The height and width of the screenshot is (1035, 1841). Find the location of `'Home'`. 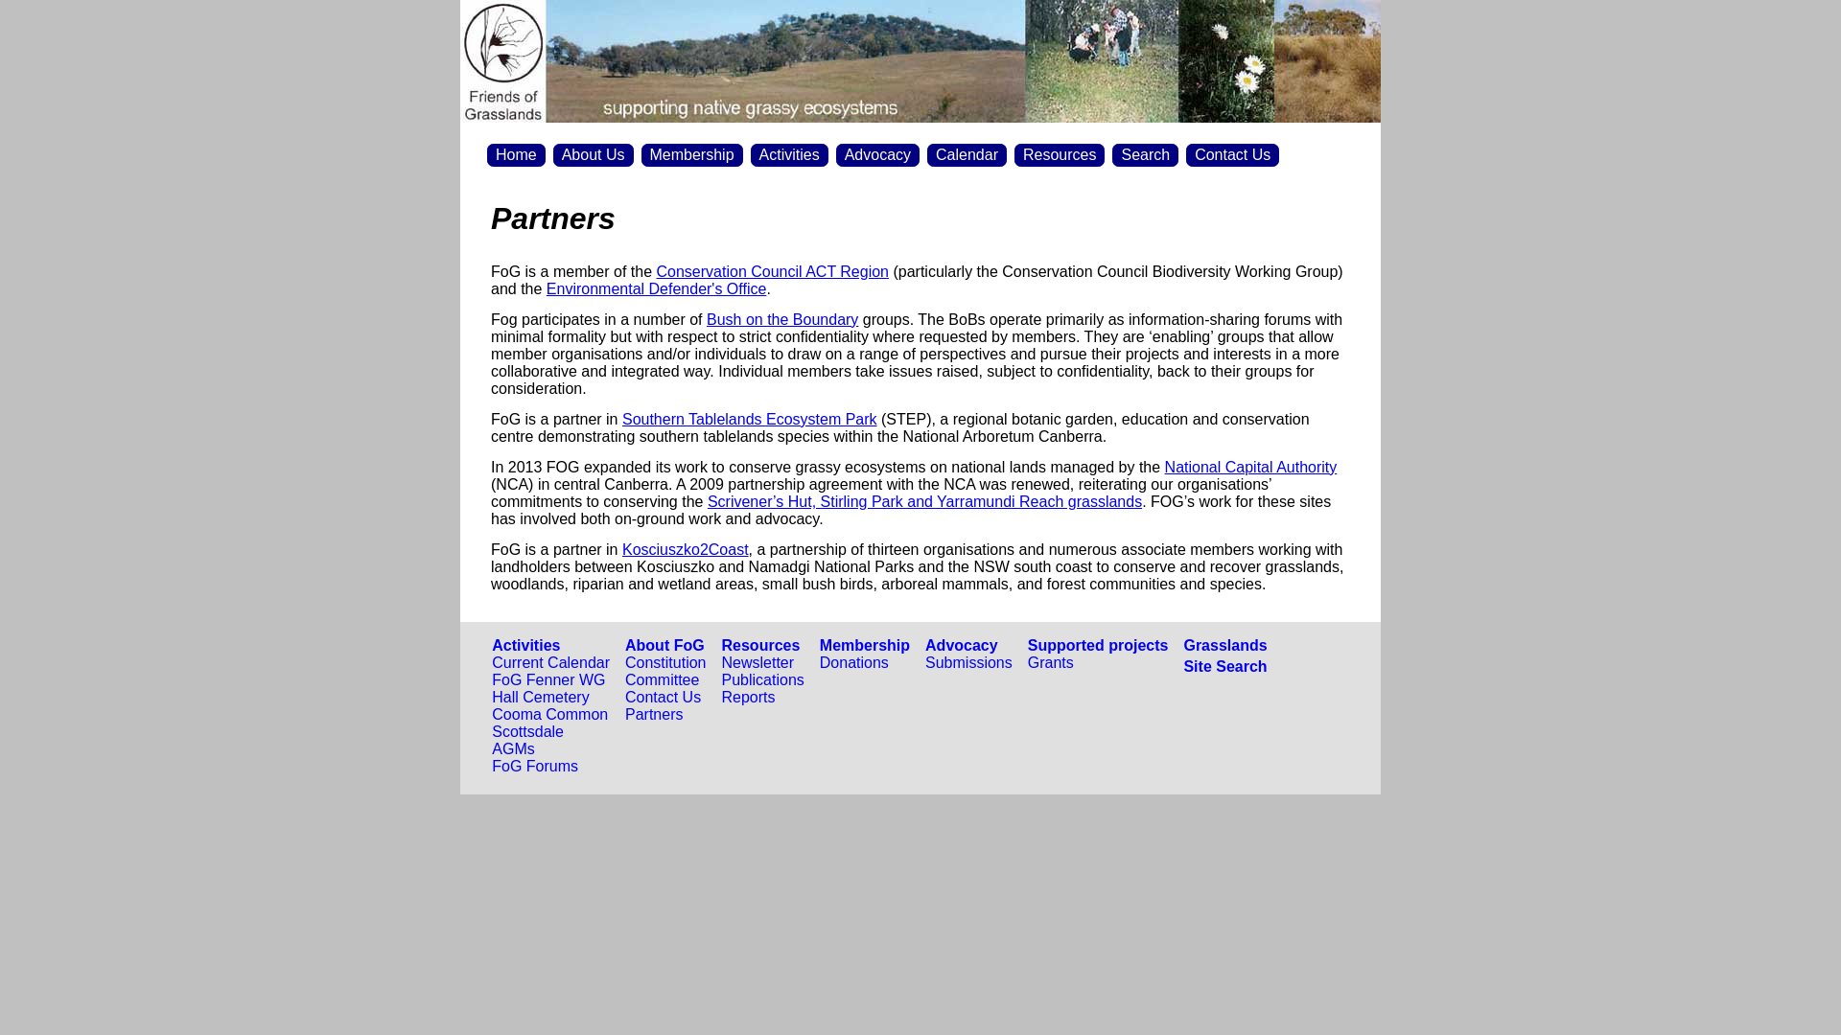

'Home' is located at coordinates (516, 154).